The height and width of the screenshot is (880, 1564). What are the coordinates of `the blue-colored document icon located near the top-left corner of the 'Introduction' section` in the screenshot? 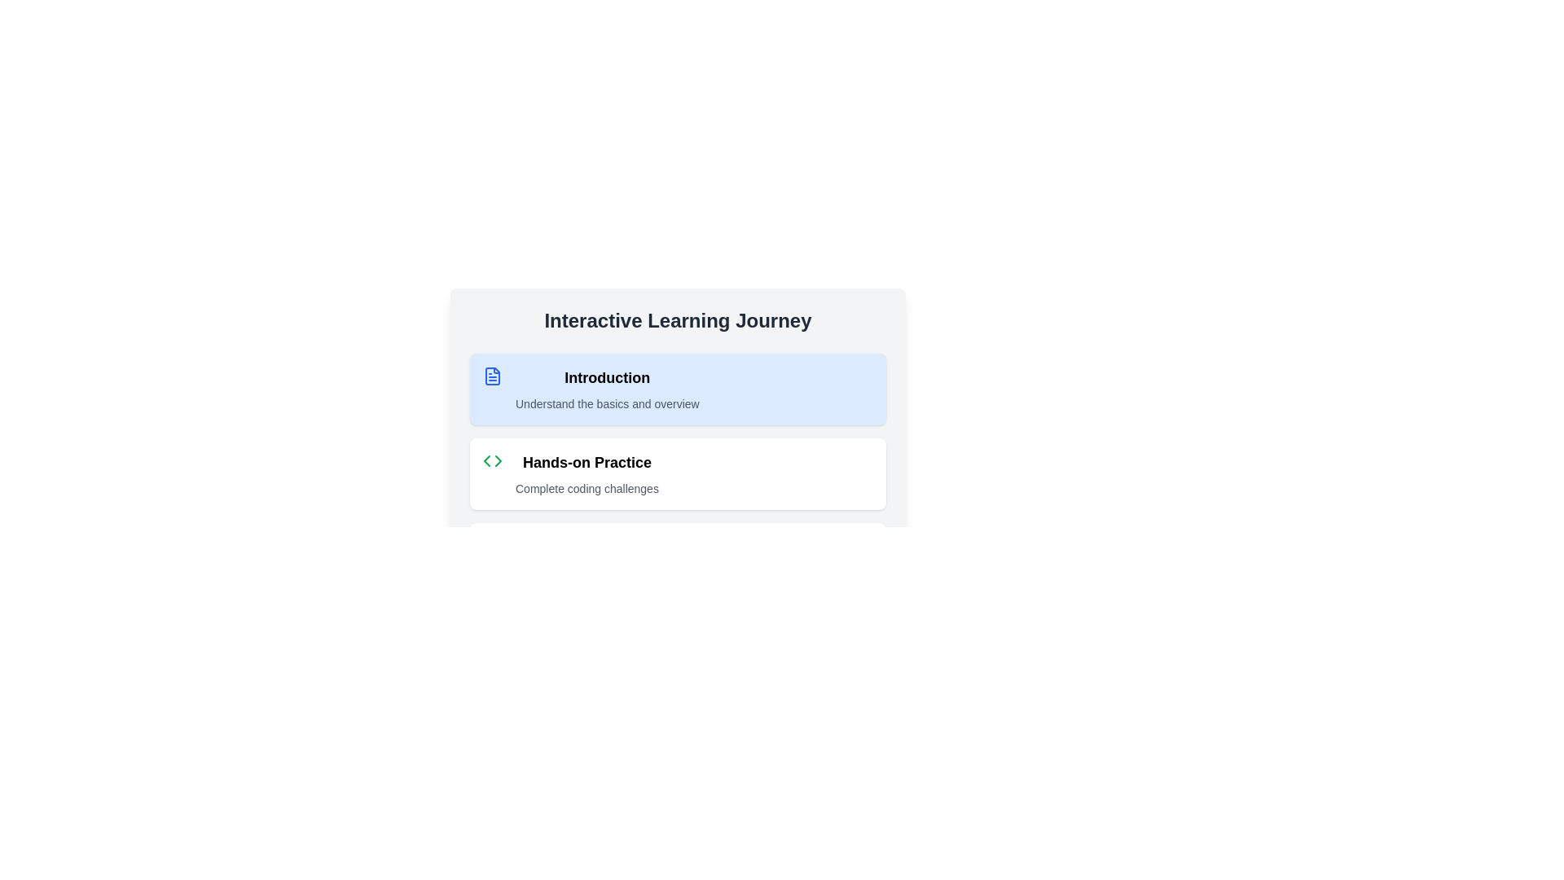 It's located at (491, 376).